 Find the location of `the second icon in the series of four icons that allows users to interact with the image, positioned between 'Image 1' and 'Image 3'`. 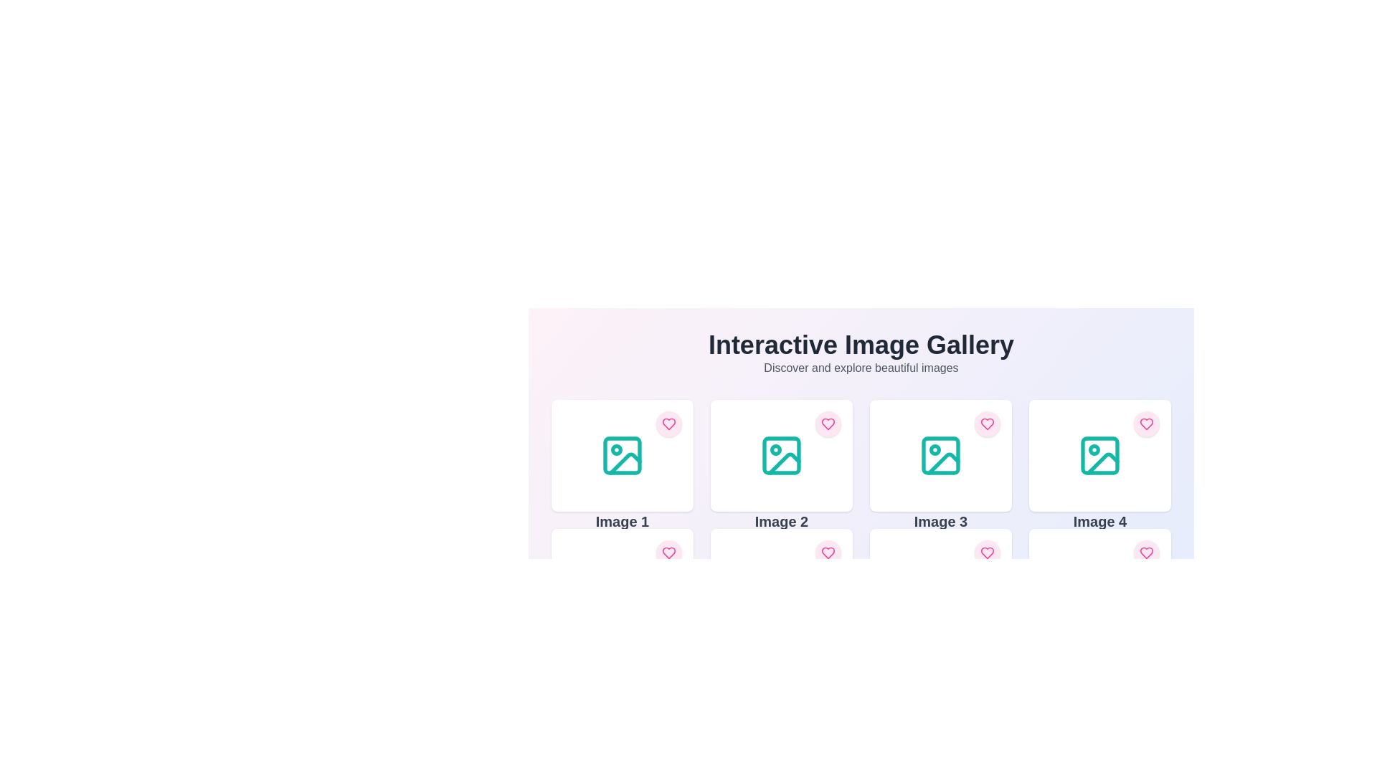

the second icon in the series of four icons that allows users to interact with the image, positioned between 'Image 1' and 'Image 3' is located at coordinates (780, 456).